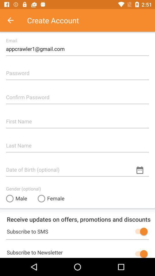 This screenshot has height=276, width=155. I want to click on item to the left of female icon, so click(16, 198).